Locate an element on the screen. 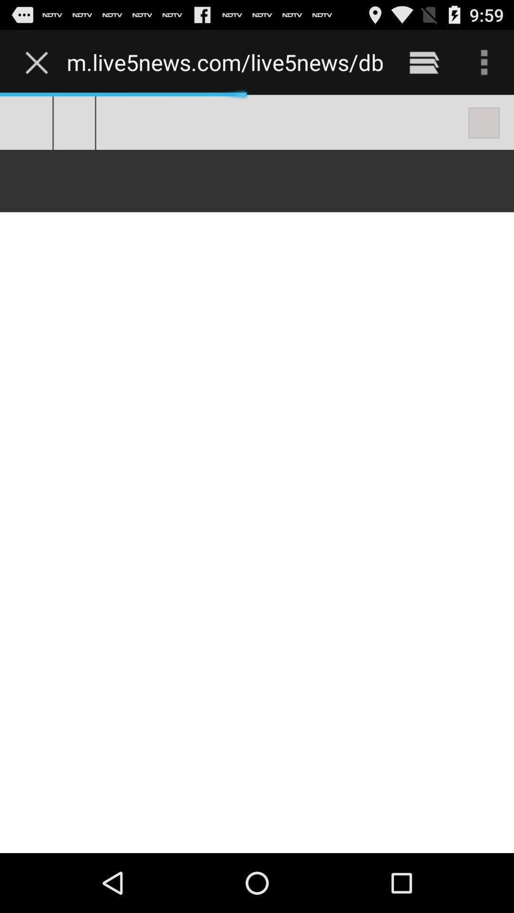 The width and height of the screenshot is (514, 913). the icon at the center is located at coordinates (257, 474).